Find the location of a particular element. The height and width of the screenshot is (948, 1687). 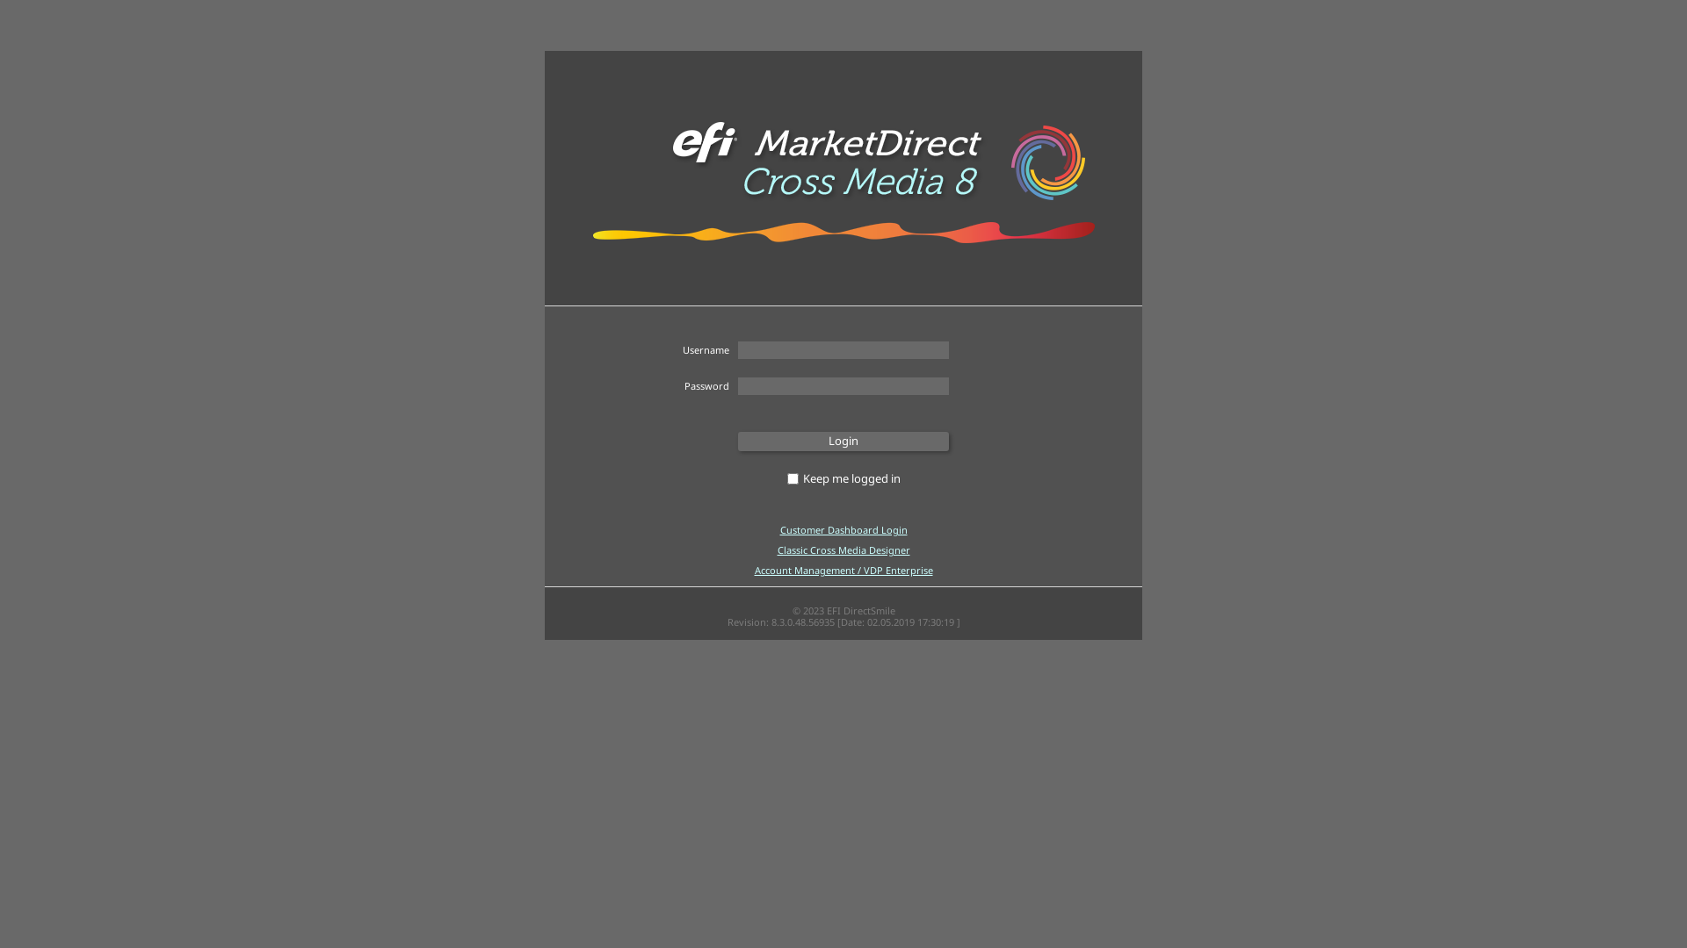

'Classic Cross Media Designer' is located at coordinates (842, 549).